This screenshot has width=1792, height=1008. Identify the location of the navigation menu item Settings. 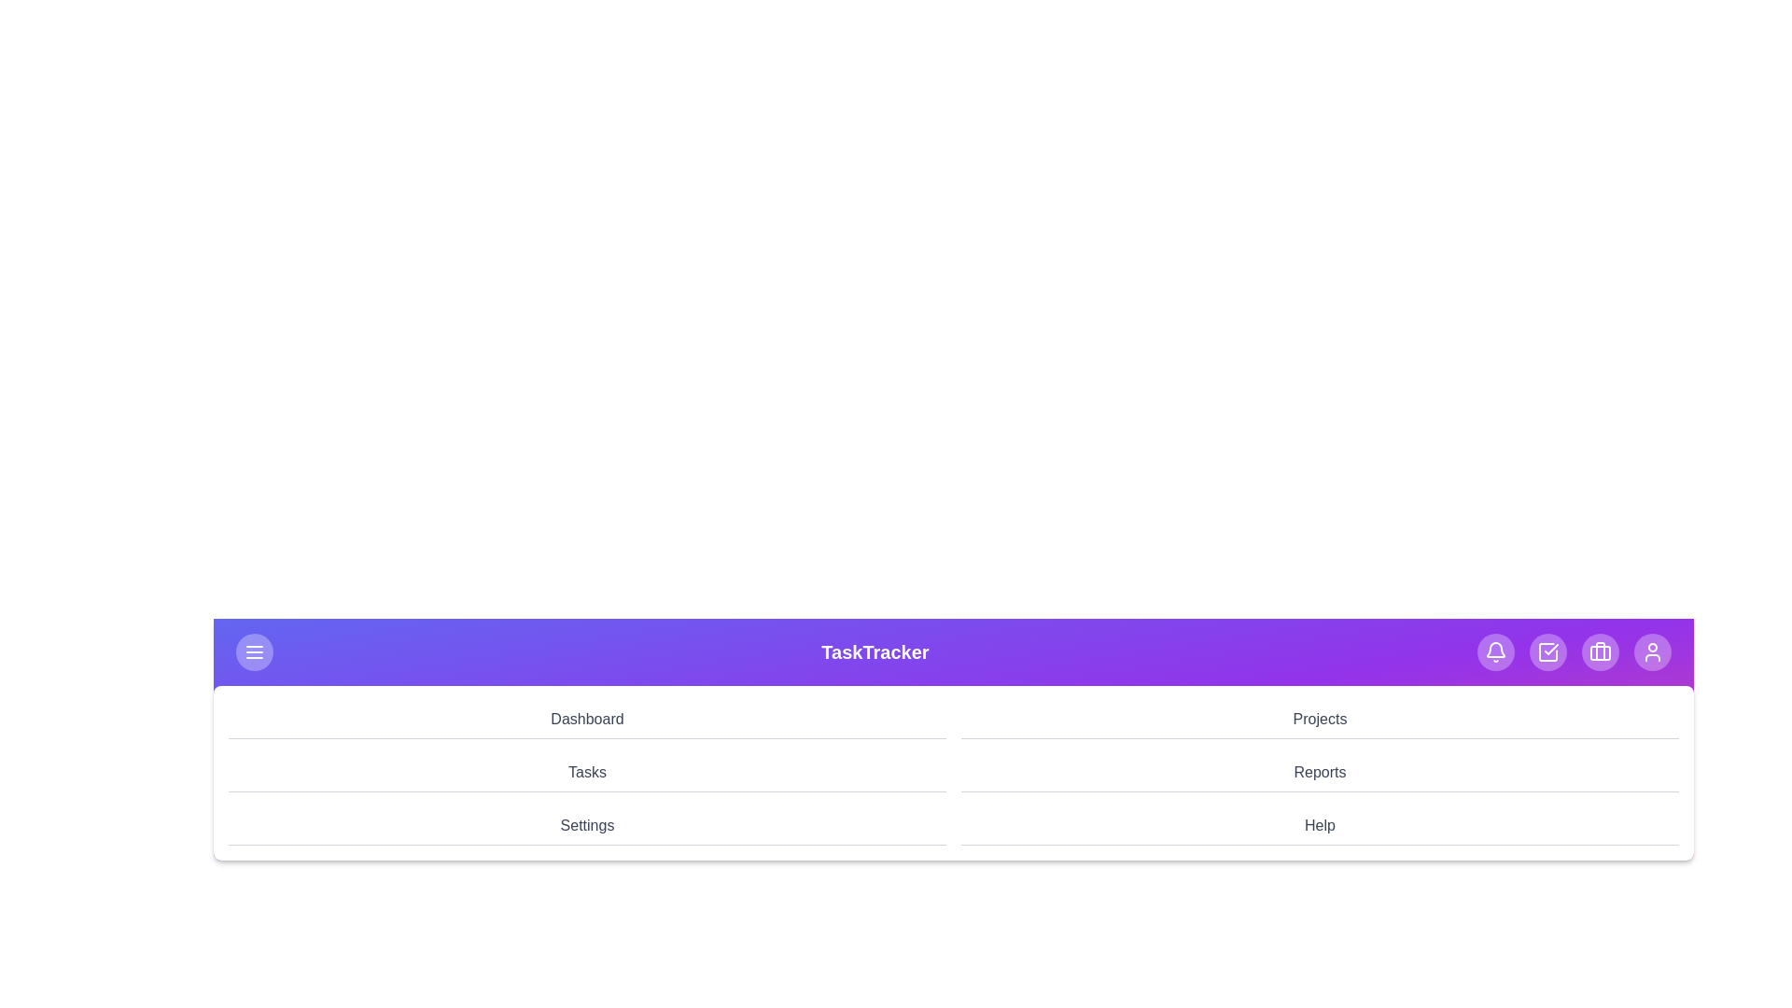
(586, 825).